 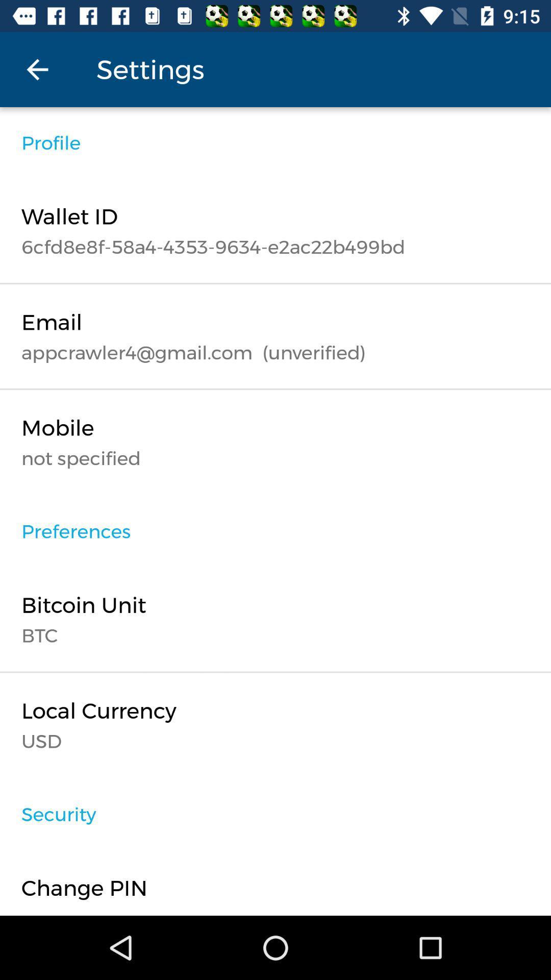 I want to click on icon above the profile icon, so click(x=37, y=69).